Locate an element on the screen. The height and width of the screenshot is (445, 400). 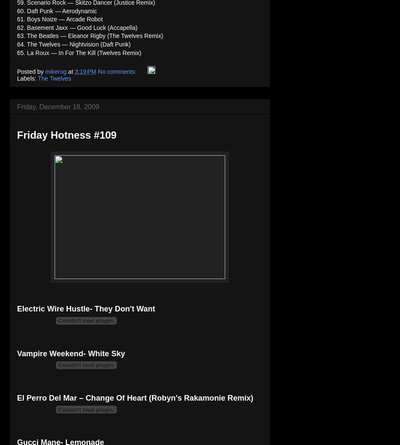
'Labels:' is located at coordinates (26, 78).